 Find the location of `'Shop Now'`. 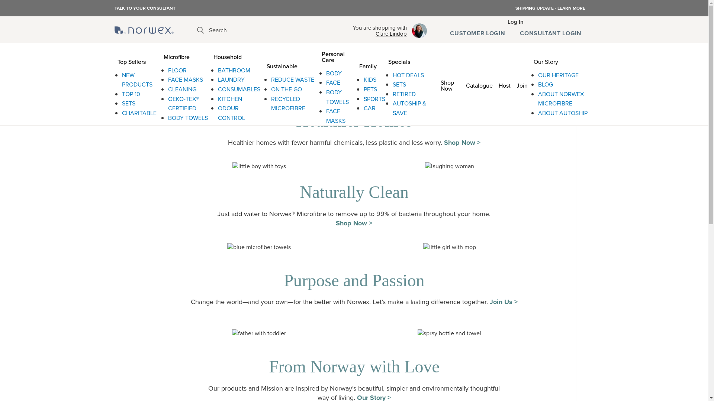

'Shop Now' is located at coordinates (450, 84).